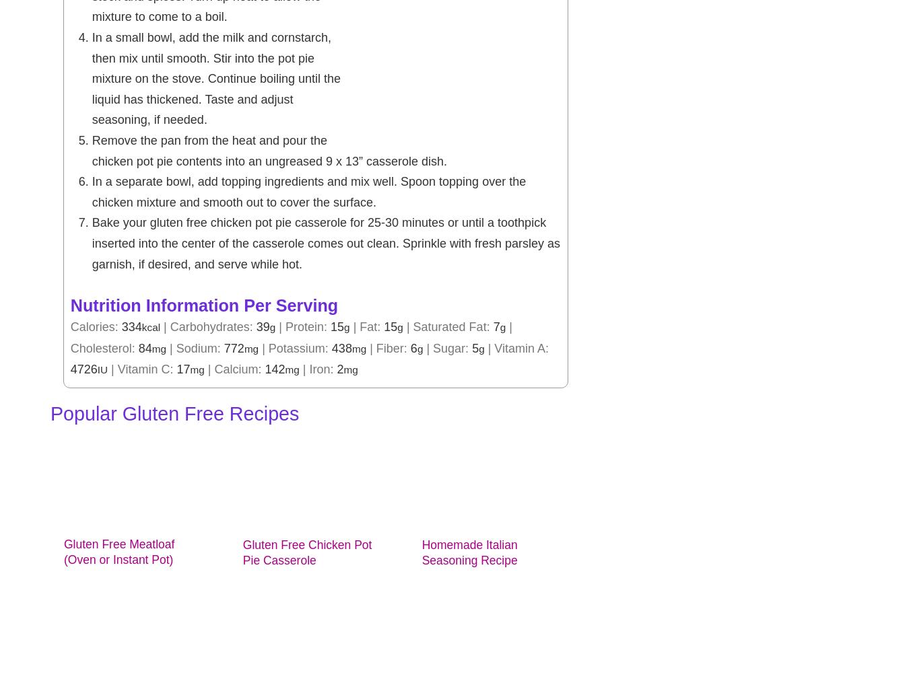  What do you see at coordinates (475, 348) in the screenshot?
I see `'5'` at bounding box center [475, 348].